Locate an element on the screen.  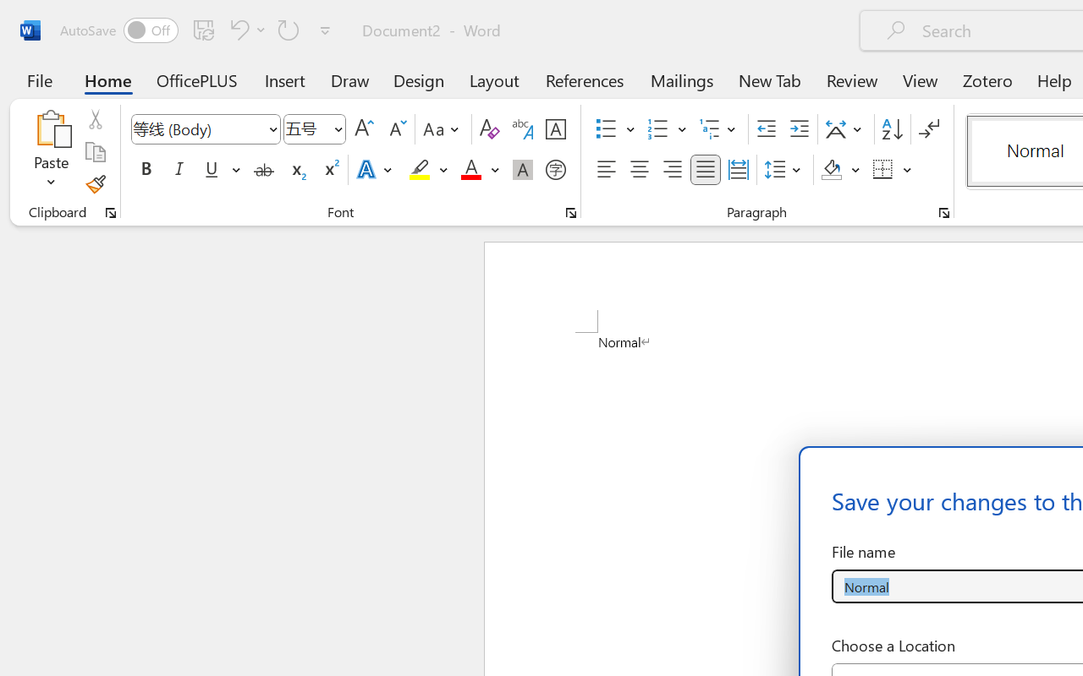
'Font...' is located at coordinates (571, 212).